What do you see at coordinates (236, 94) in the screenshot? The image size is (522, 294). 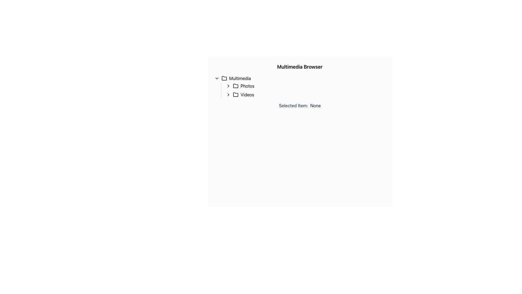 I see `the 'Videos' icon in the left panel under the 'Multimedia' folder in the tree view` at bounding box center [236, 94].